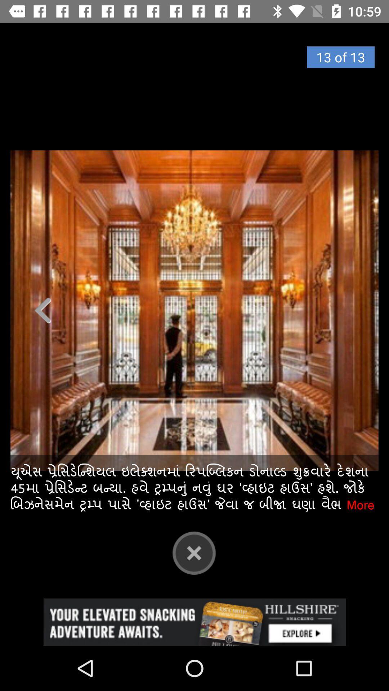  Describe the element at coordinates (43, 310) in the screenshot. I see `the arrow_backward icon` at that location.